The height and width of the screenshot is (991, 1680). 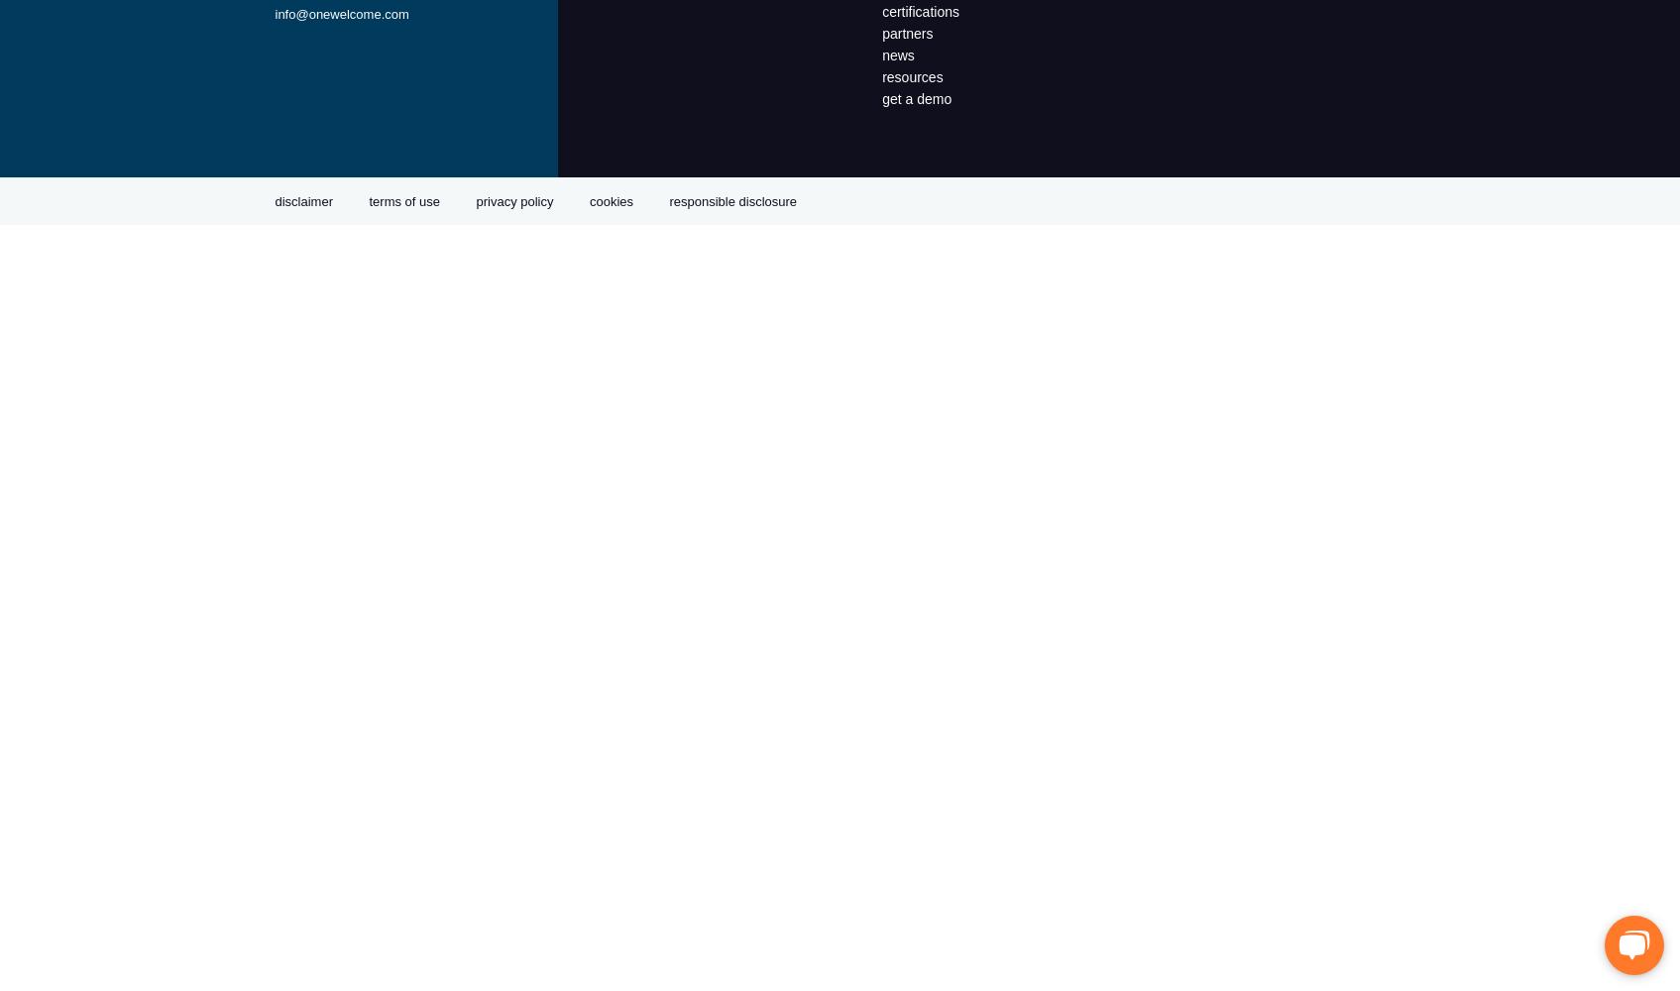 I want to click on 'terms of use', so click(x=403, y=200).